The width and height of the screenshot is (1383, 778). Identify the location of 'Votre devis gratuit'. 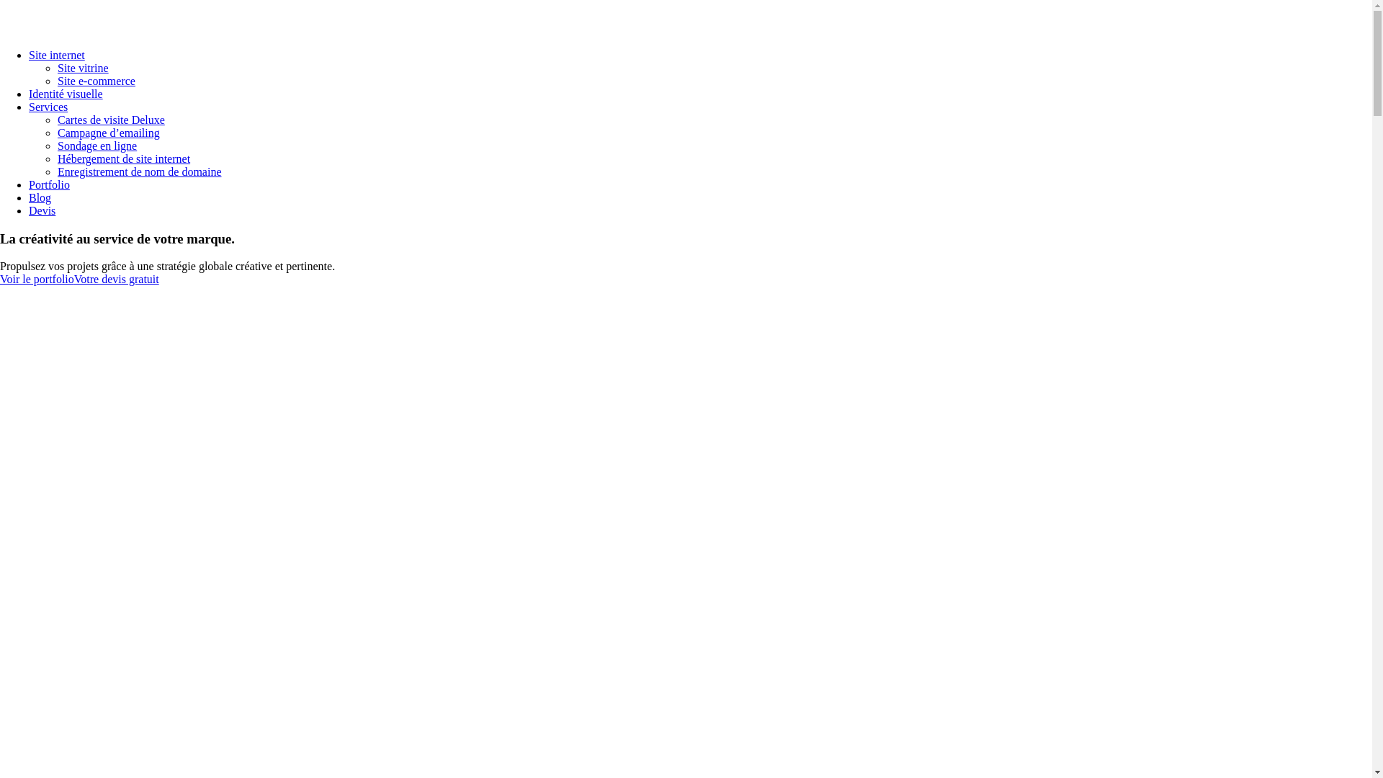
(117, 279).